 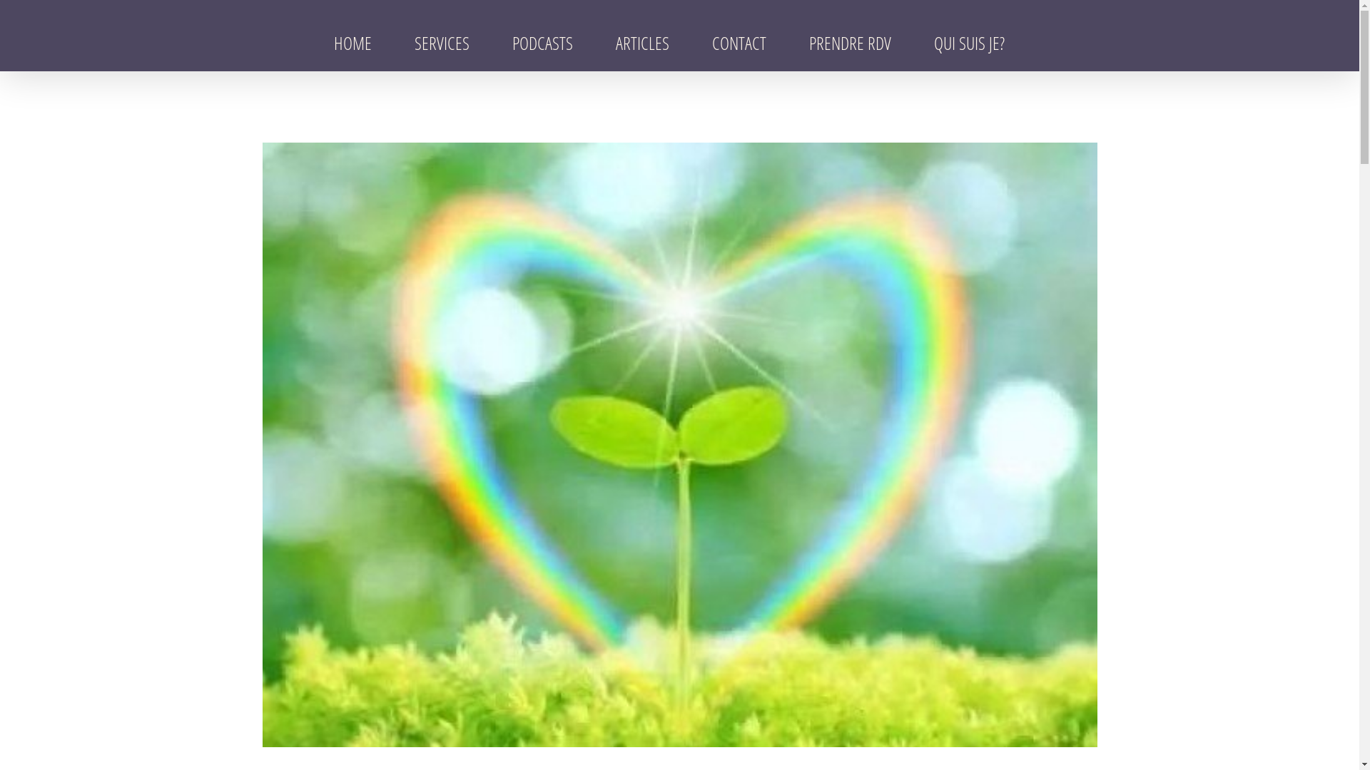 I want to click on 'PRENDRE RDV', so click(x=797, y=42).